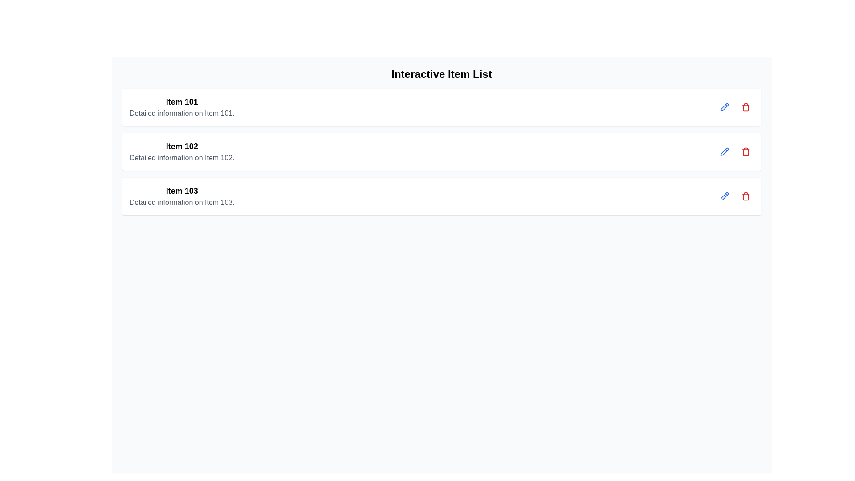 The height and width of the screenshot is (481, 855). What do you see at coordinates (725, 151) in the screenshot?
I see `the pencil icon located in the second row of the list next to the item labeled 'Item 102'` at bounding box center [725, 151].